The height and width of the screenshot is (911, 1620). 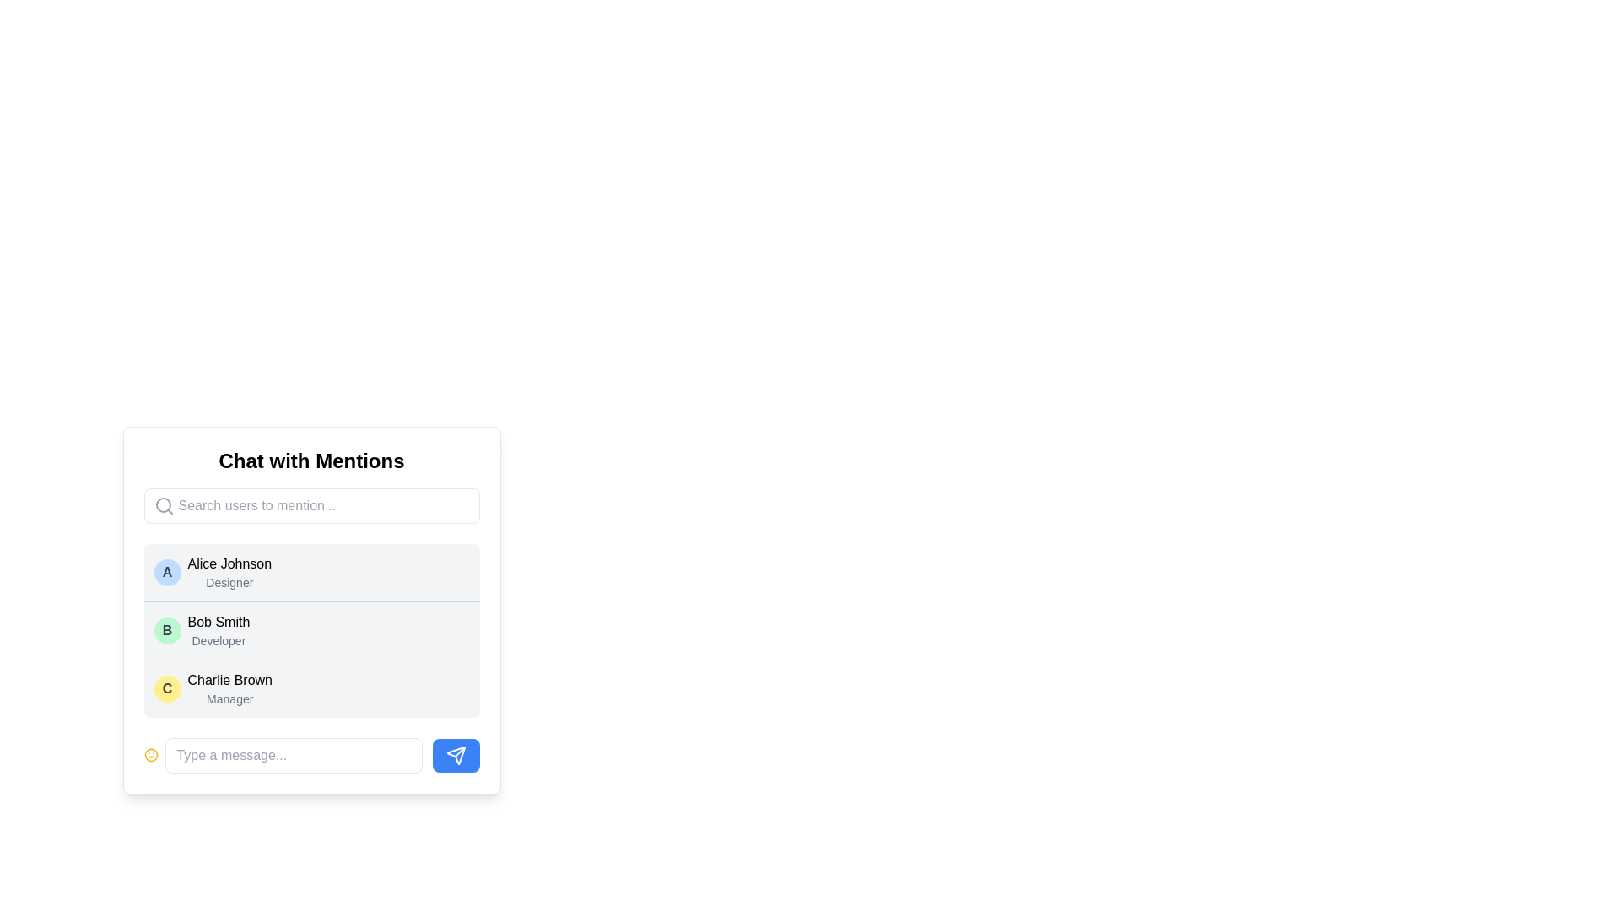 What do you see at coordinates (229, 699) in the screenshot?
I see `text from the muted gray label reading 'Manager', which is located beneath the 'Charlie Brown' name label in the user entry card for the third user` at bounding box center [229, 699].